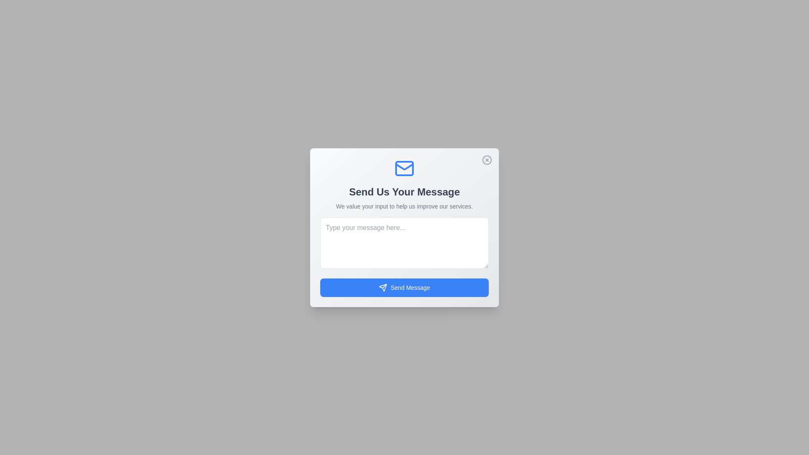  Describe the element at coordinates (487, 160) in the screenshot. I see `the close button to dismiss the dialog` at that location.